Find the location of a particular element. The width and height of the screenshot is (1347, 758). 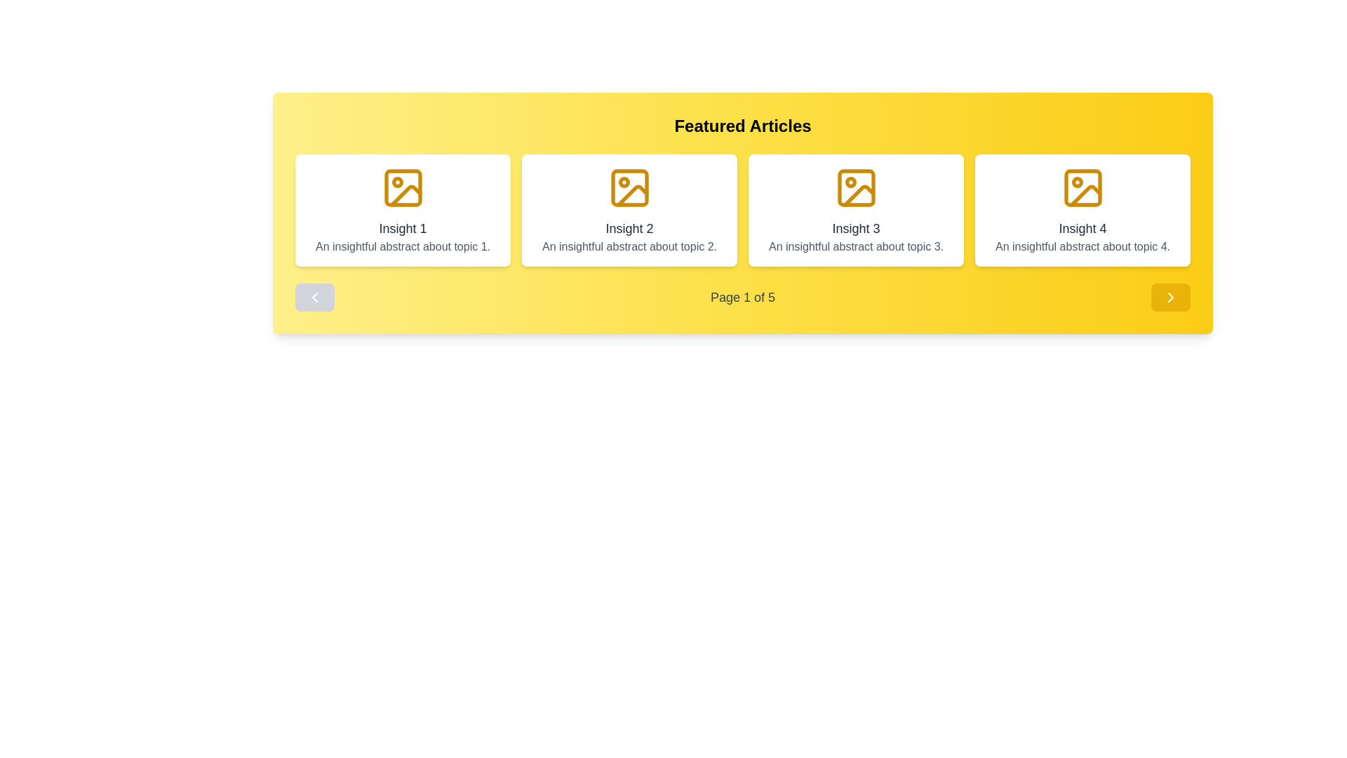

the Decorative Circular Graphic located in the top-left corner of the first framed image icon in the carousel of articles titled 'Insight 1' is located at coordinates (396, 181).